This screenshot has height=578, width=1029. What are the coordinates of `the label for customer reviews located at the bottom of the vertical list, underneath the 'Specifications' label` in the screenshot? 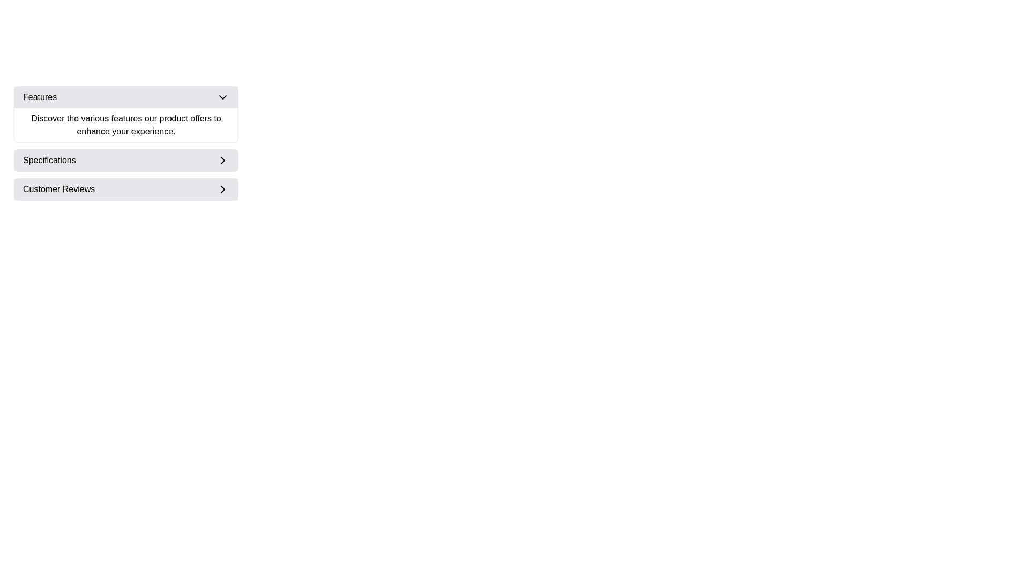 It's located at (58, 189).